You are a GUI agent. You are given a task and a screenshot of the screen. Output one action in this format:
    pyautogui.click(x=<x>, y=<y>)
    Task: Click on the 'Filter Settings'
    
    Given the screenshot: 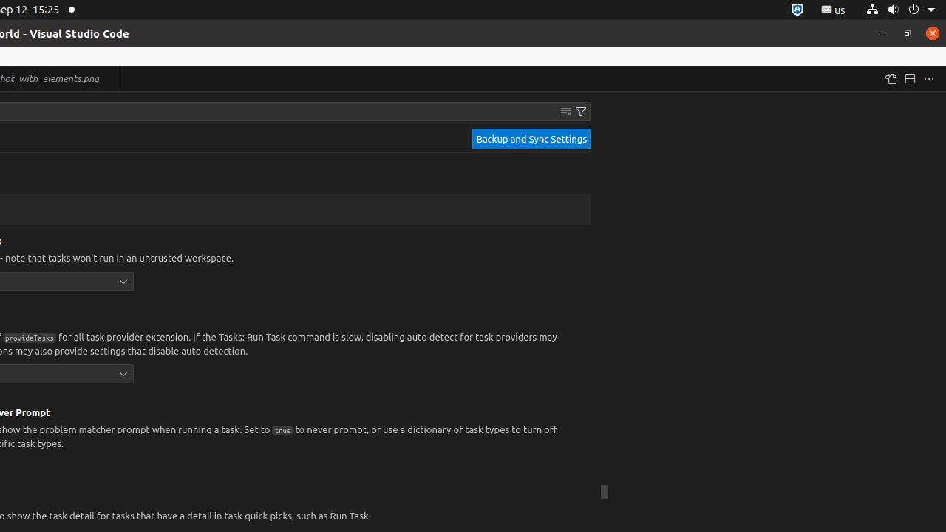 What is the action you would take?
    pyautogui.click(x=580, y=110)
    